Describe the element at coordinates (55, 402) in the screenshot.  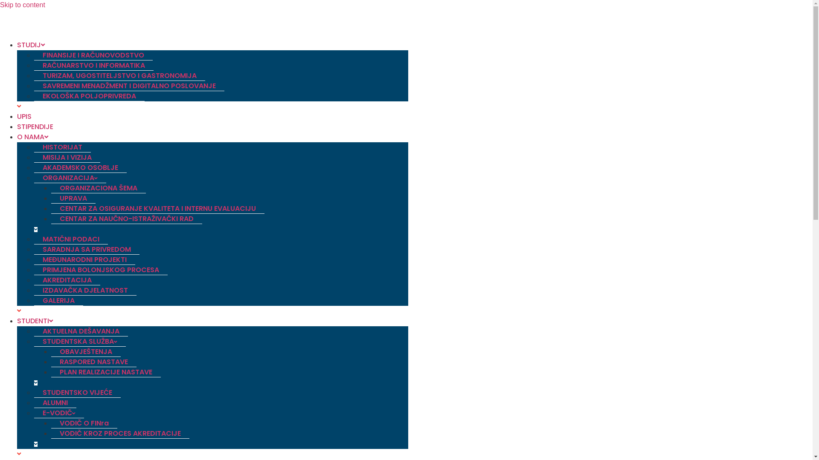
I see `'ALUMNI'` at that location.